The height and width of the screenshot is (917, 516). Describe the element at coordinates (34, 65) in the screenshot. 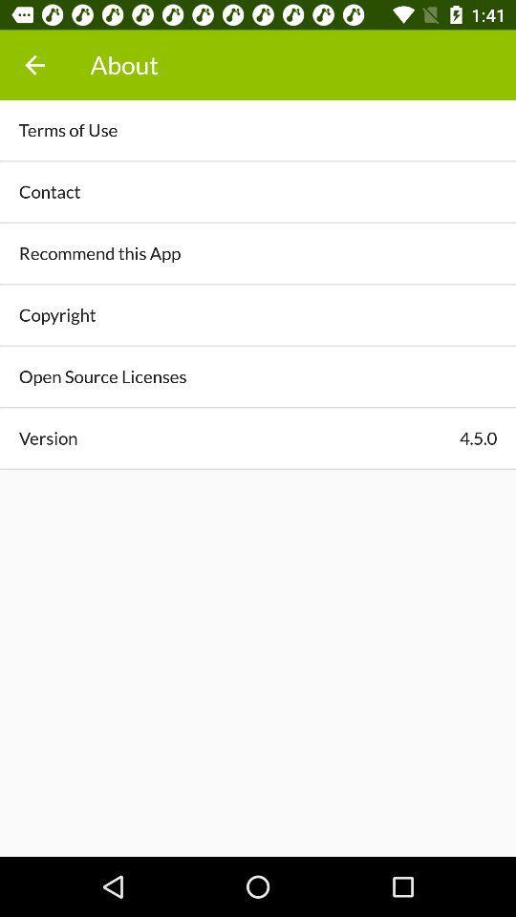

I see `the icon to the left of the about` at that location.